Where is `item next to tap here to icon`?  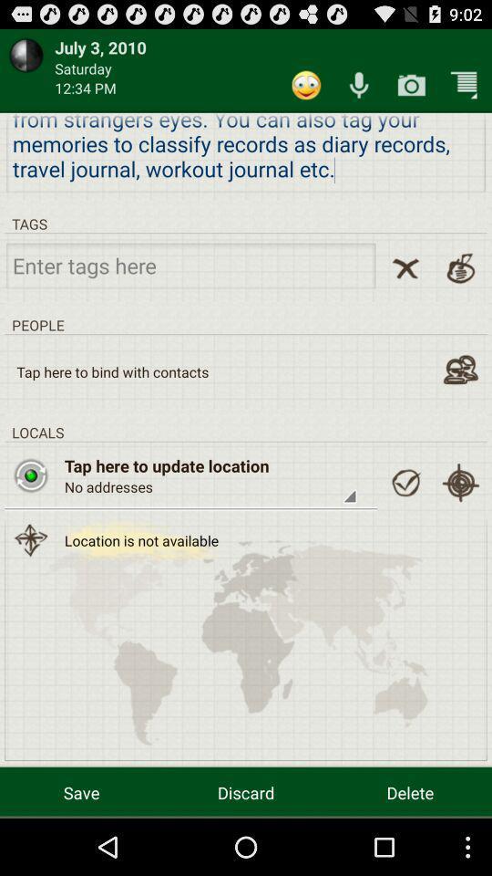 item next to tap here to icon is located at coordinates (405, 482).